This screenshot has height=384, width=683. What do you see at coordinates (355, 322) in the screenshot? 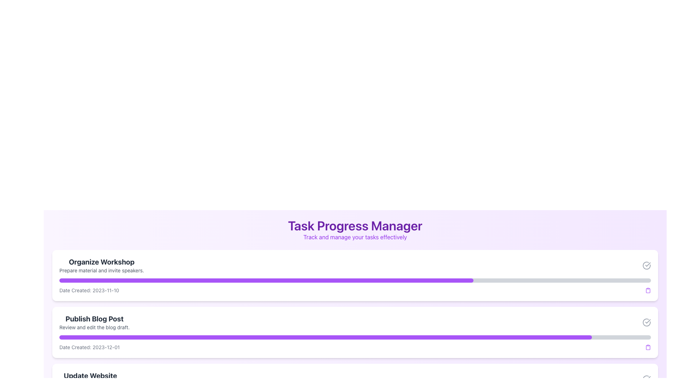
I see `the textual section within the task card labeled 'Publish Blog Post' that contains the subtitle 'Review and edit the blog draft.'` at bounding box center [355, 322].